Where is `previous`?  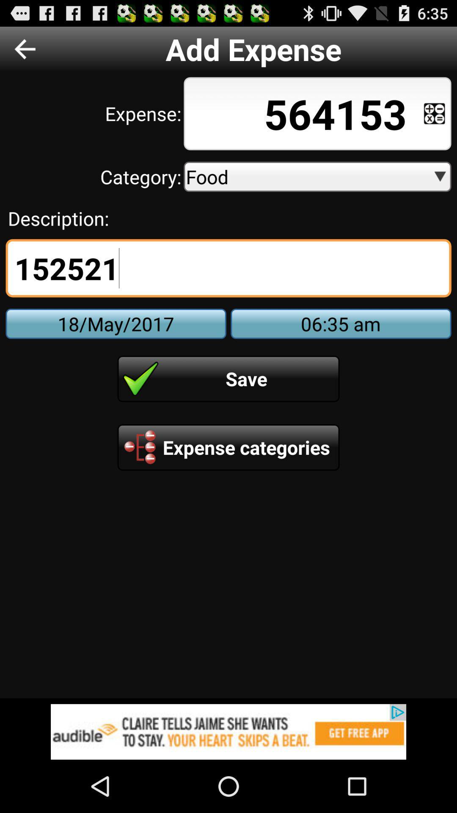 previous is located at coordinates (25, 48).